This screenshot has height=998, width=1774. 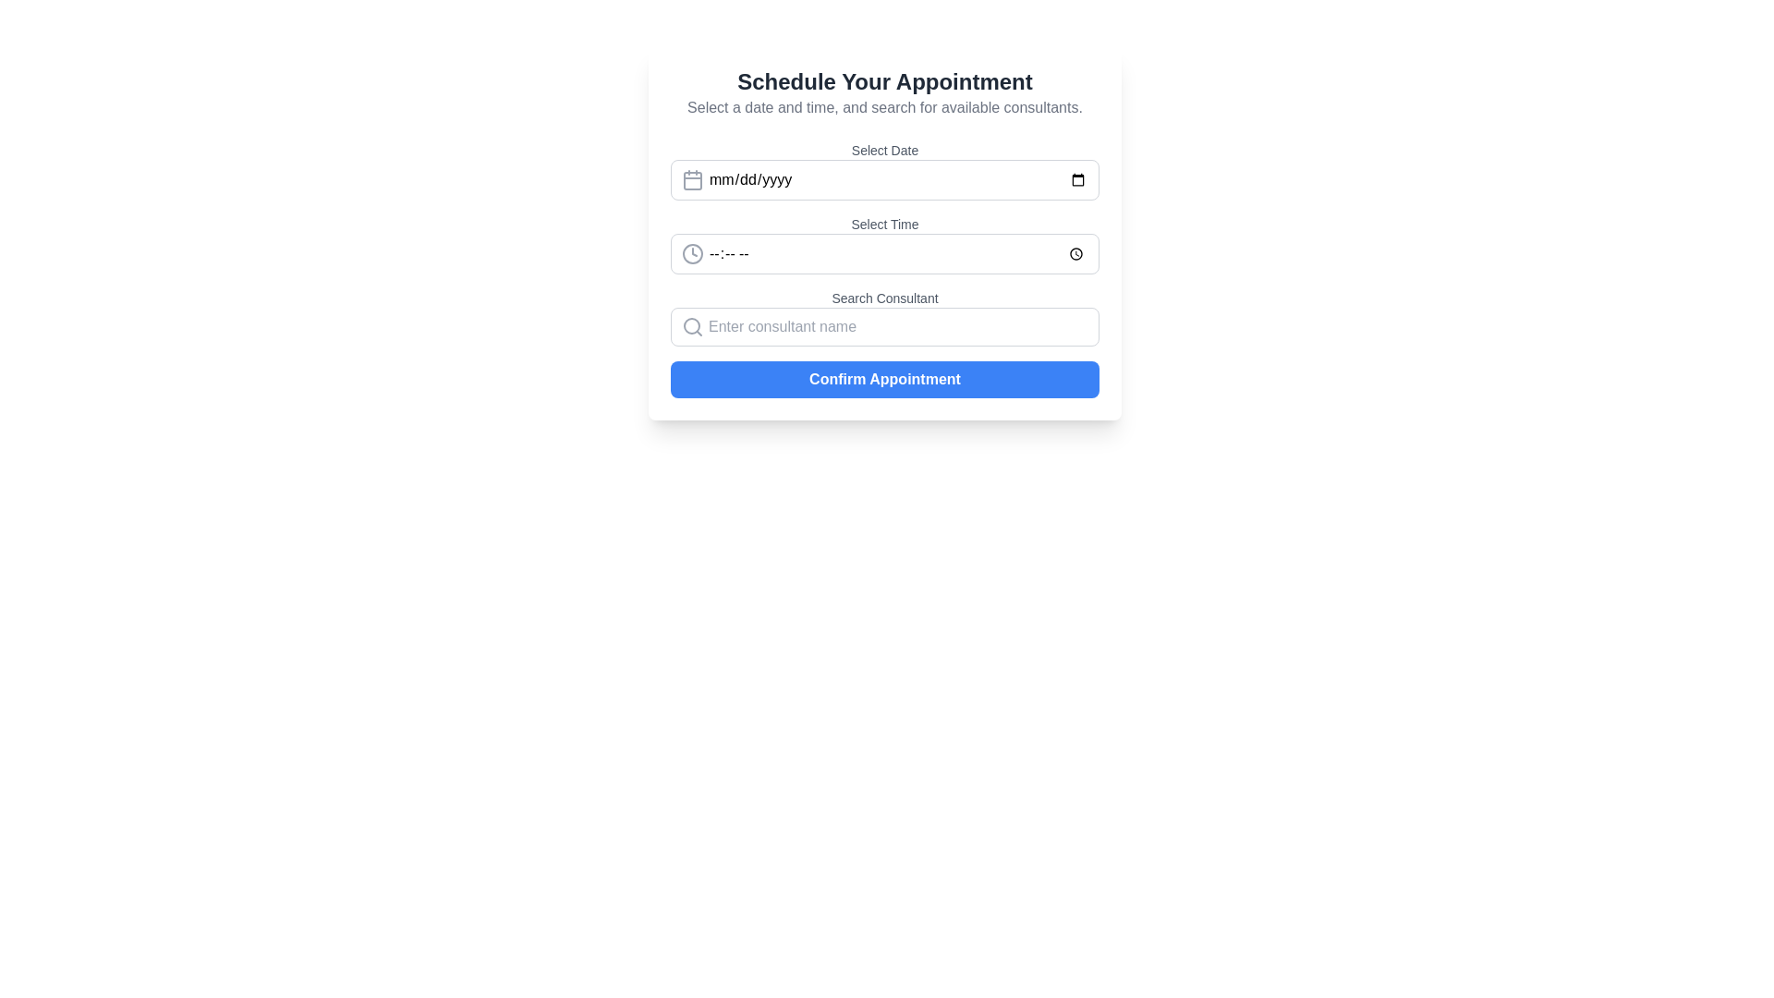 What do you see at coordinates (691, 253) in the screenshot?
I see `the outer circular component of the clock icon located to the left of the '--:--' placeholder text in the 'Select Time' field` at bounding box center [691, 253].